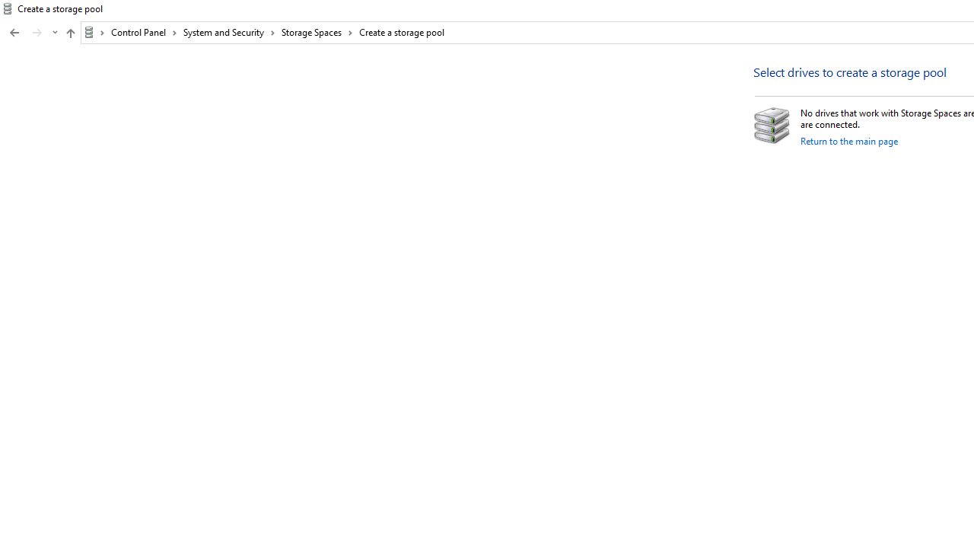 Image resolution: width=974 pixels, height=548 pixels. I want to click on 'Return to the main page', so click(848, 141).